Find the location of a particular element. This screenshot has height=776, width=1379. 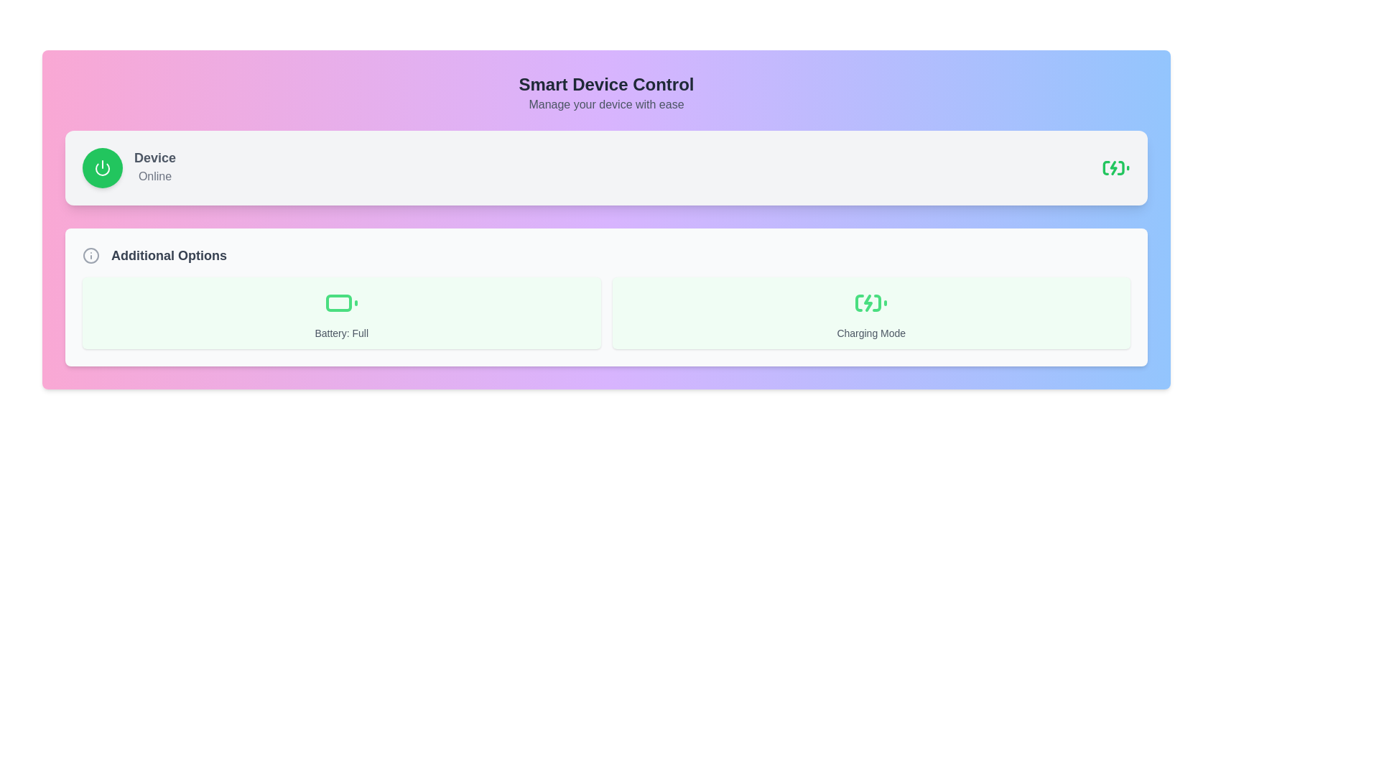

the non-interactive Text Label that displays the battery status as 'Full', located beneath the battery icon in the options frame is located at coordinates (340, 333).